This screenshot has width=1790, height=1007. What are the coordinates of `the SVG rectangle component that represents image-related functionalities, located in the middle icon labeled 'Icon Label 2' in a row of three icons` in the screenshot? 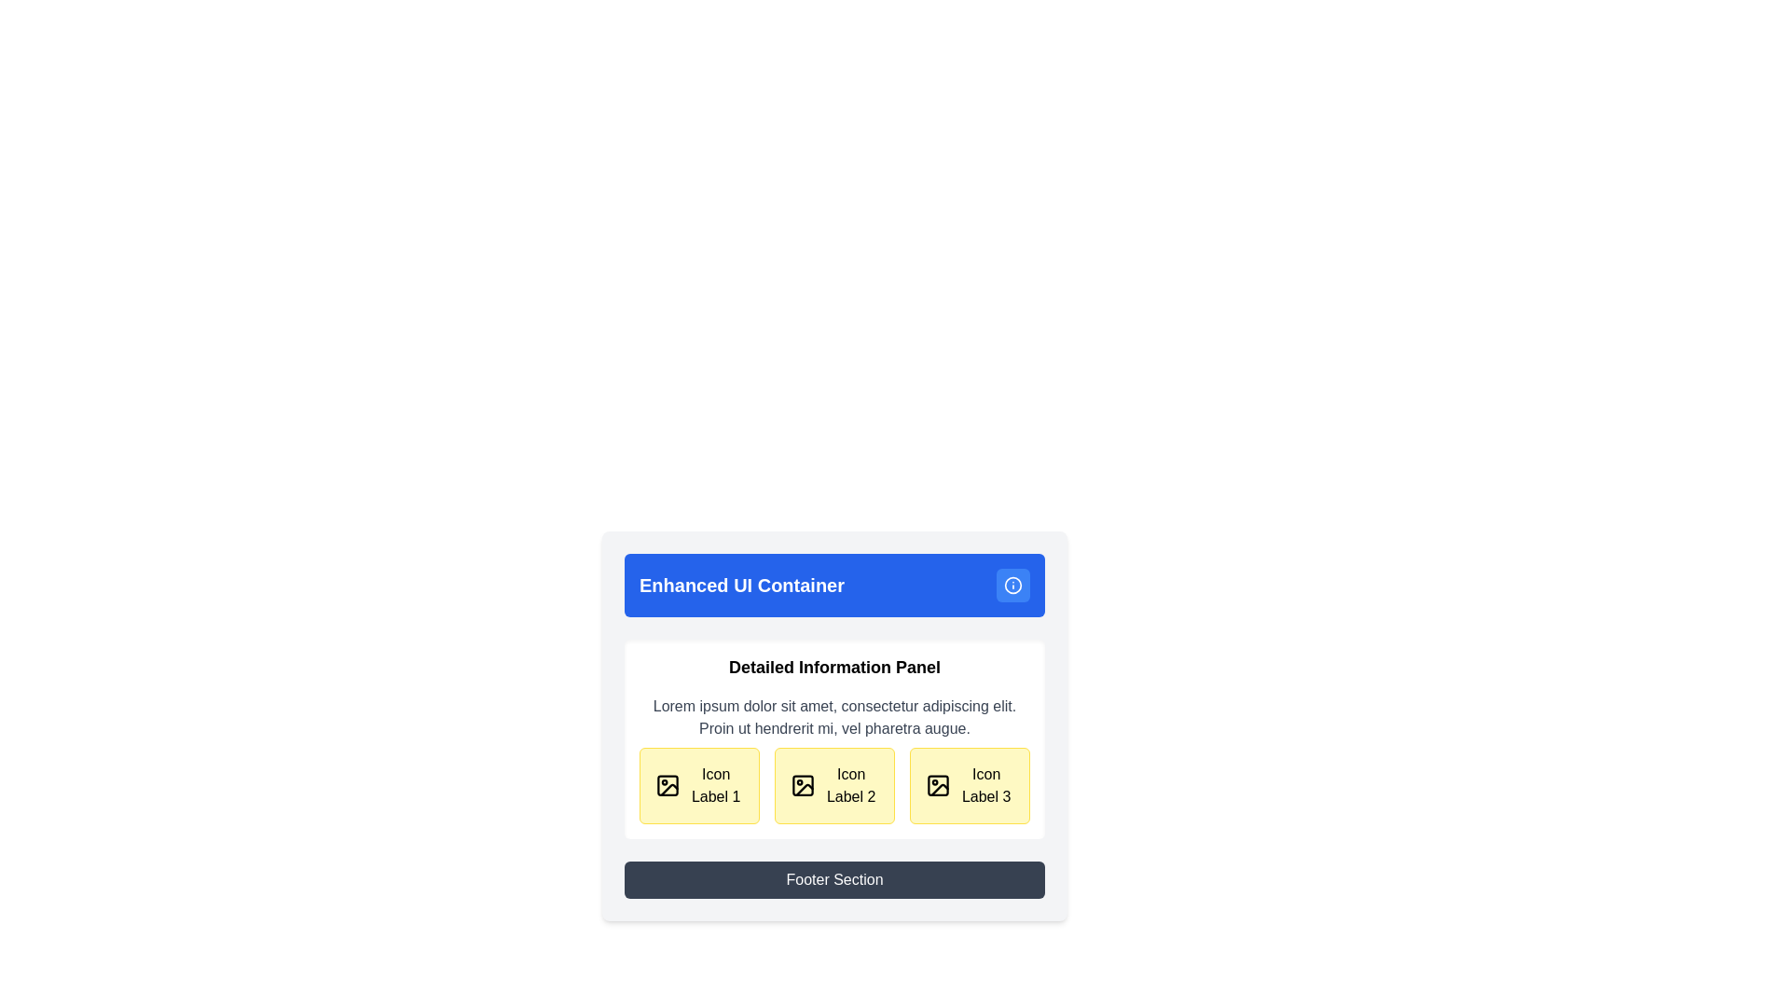 It's located at (803, 786).